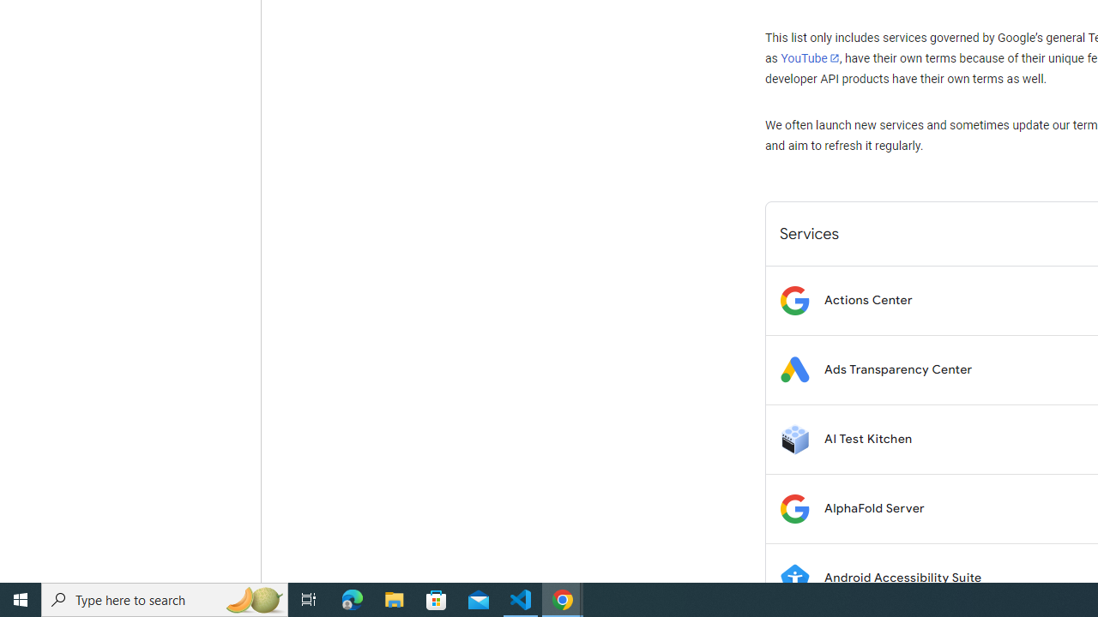 The height and width of the screenshot is (617, 1098). Describe the element at coordinates (809, 57) in the screenshot. I see `'YouTube'` at that location.